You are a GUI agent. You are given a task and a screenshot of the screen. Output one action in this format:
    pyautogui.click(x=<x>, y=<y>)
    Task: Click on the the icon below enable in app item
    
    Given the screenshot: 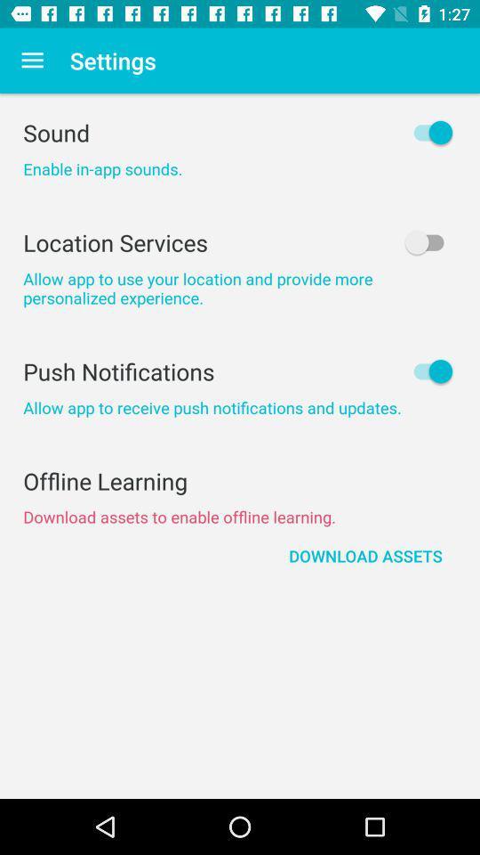 What is the action you would take?
    pyautogui.click(x=240, y=241)
    